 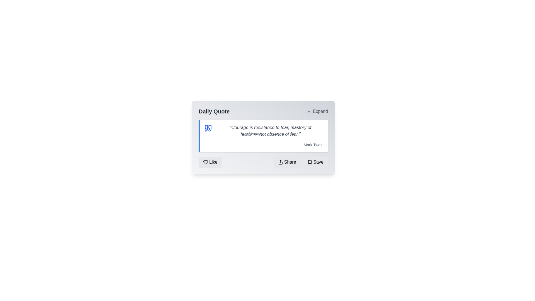 What do you see at coordinates (263, 162) in the screenshot?
I see `the 'Like' button on the interactive toolbar located beneath the quote '- Mark Twain.'` at bounding box center [263, 162].